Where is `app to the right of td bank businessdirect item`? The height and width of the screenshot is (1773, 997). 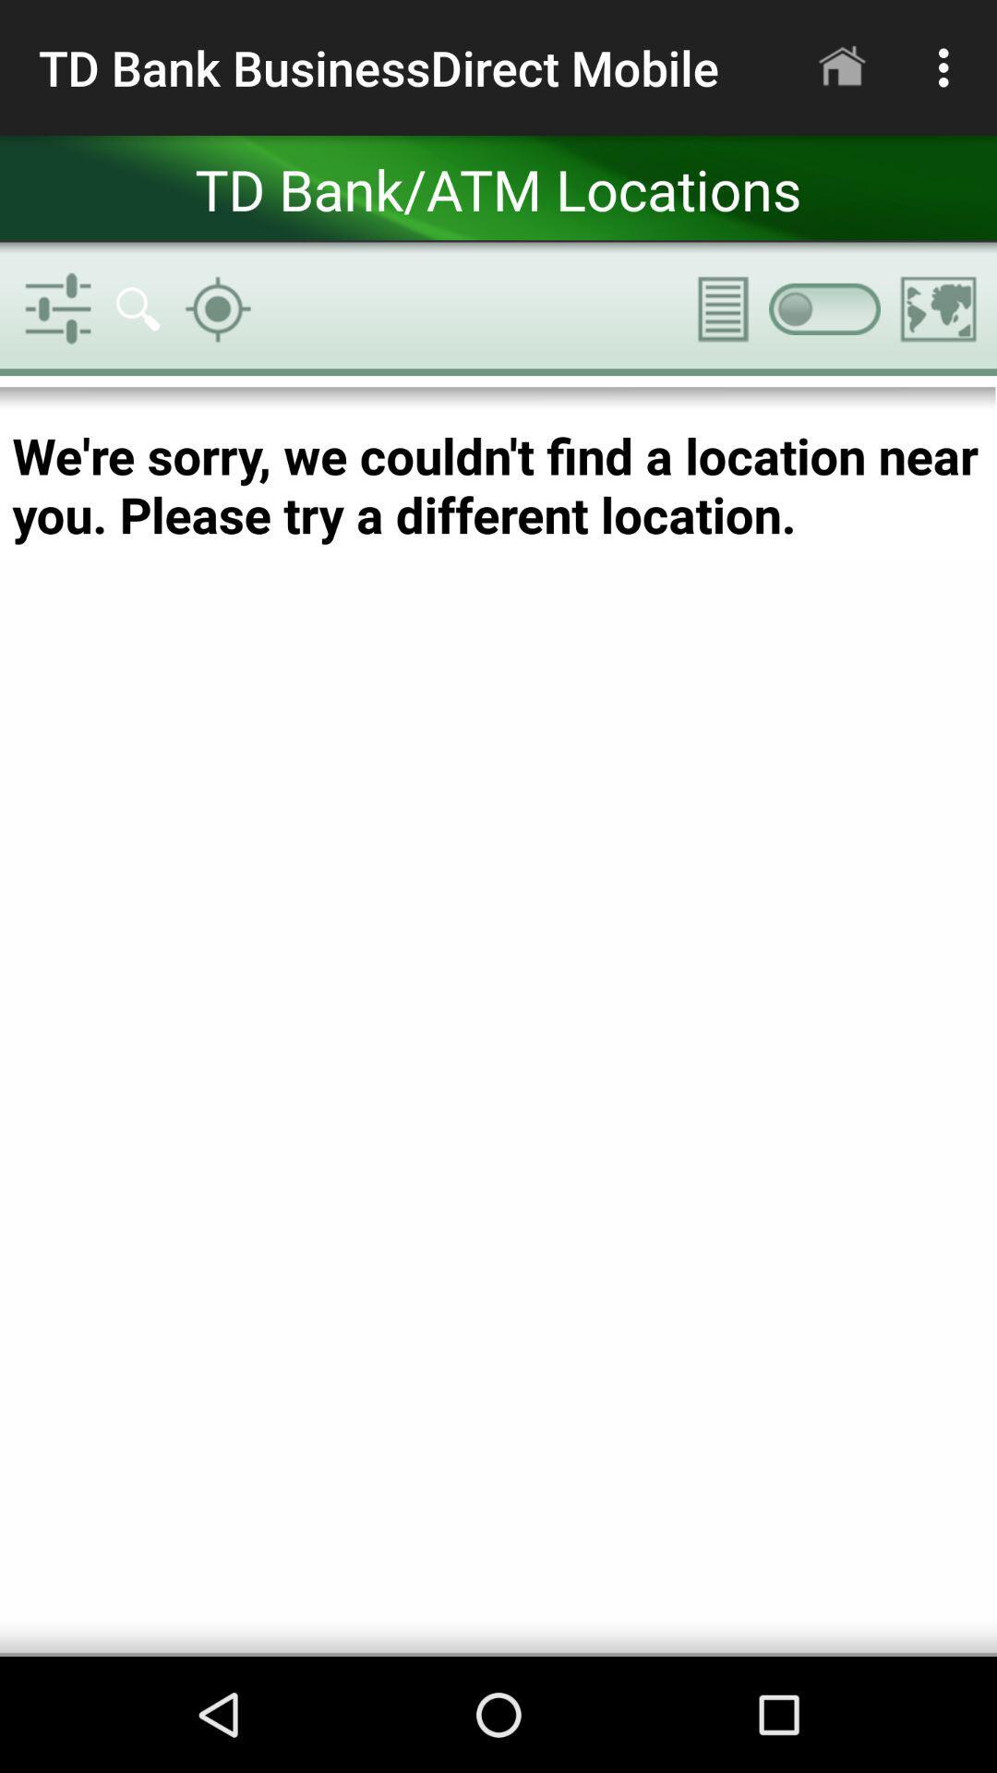
app to the right of td bank businessdirect item is located at coordinates (841, 67).